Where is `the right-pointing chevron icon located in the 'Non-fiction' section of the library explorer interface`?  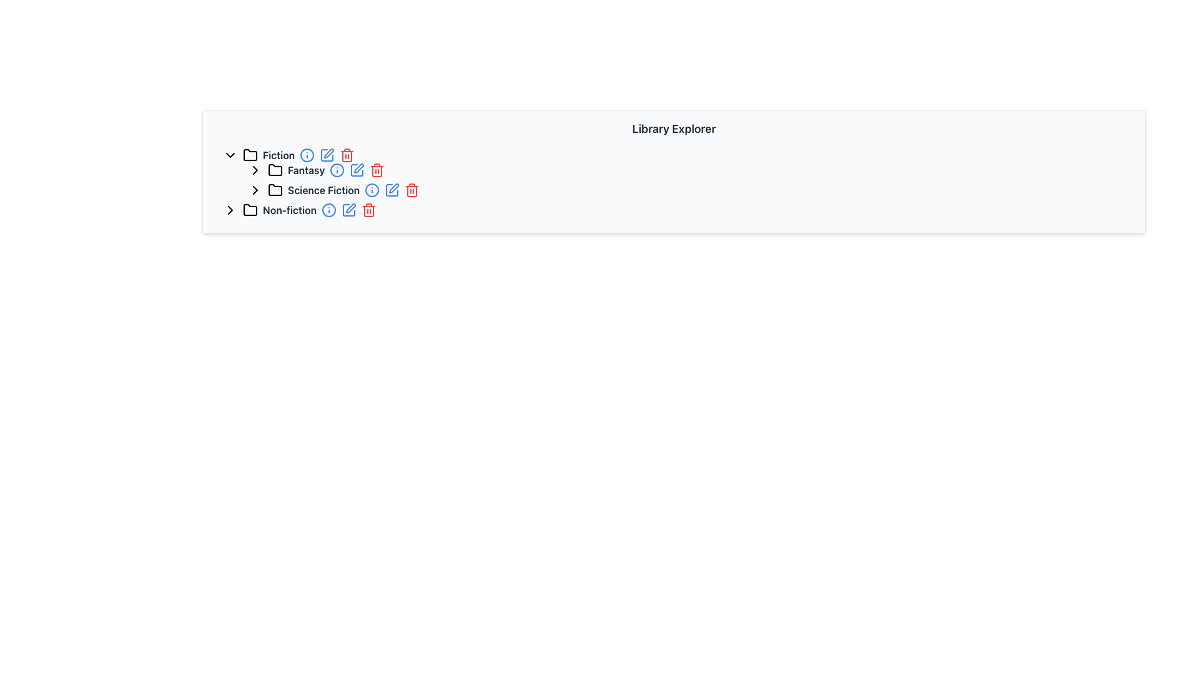 the right-pointing chevron icon located in the 'Non-fiction' section of the library explorer interface is located at coordinates (230, 209).